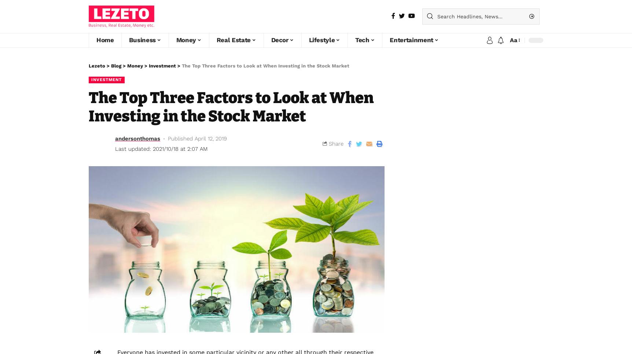 The width and height of the screenshot is (632, 354). What do you see at coordinates (115, 148) in the screenshot?
I see `'Last updated: 2021/10/18 at 2:07 AM'` at bounding box center [115, 148].